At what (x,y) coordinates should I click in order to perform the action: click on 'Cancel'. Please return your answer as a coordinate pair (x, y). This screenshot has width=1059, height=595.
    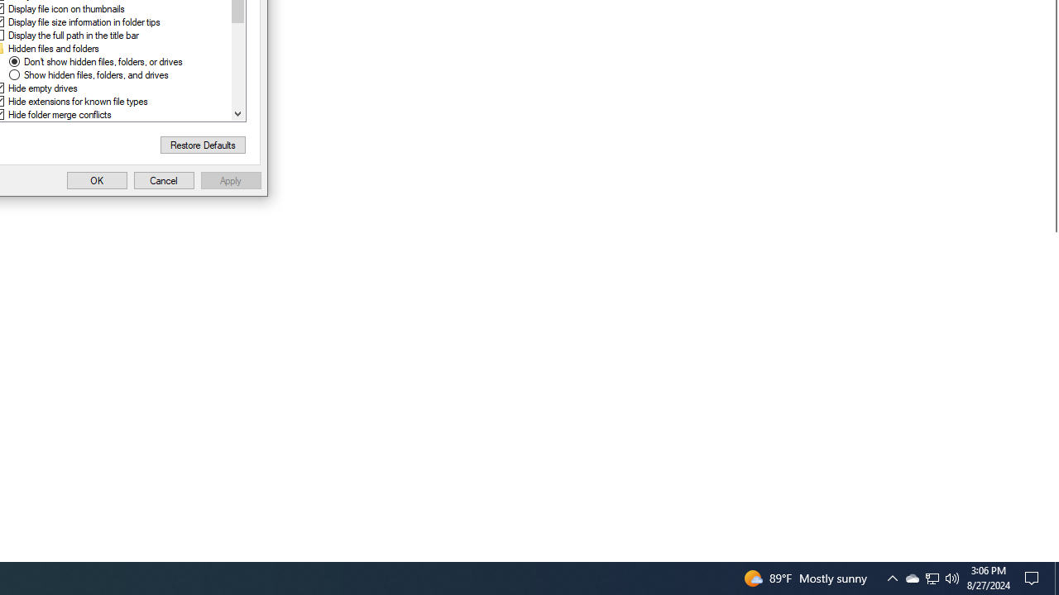
    Looking at the image, I should click on (164, 180).